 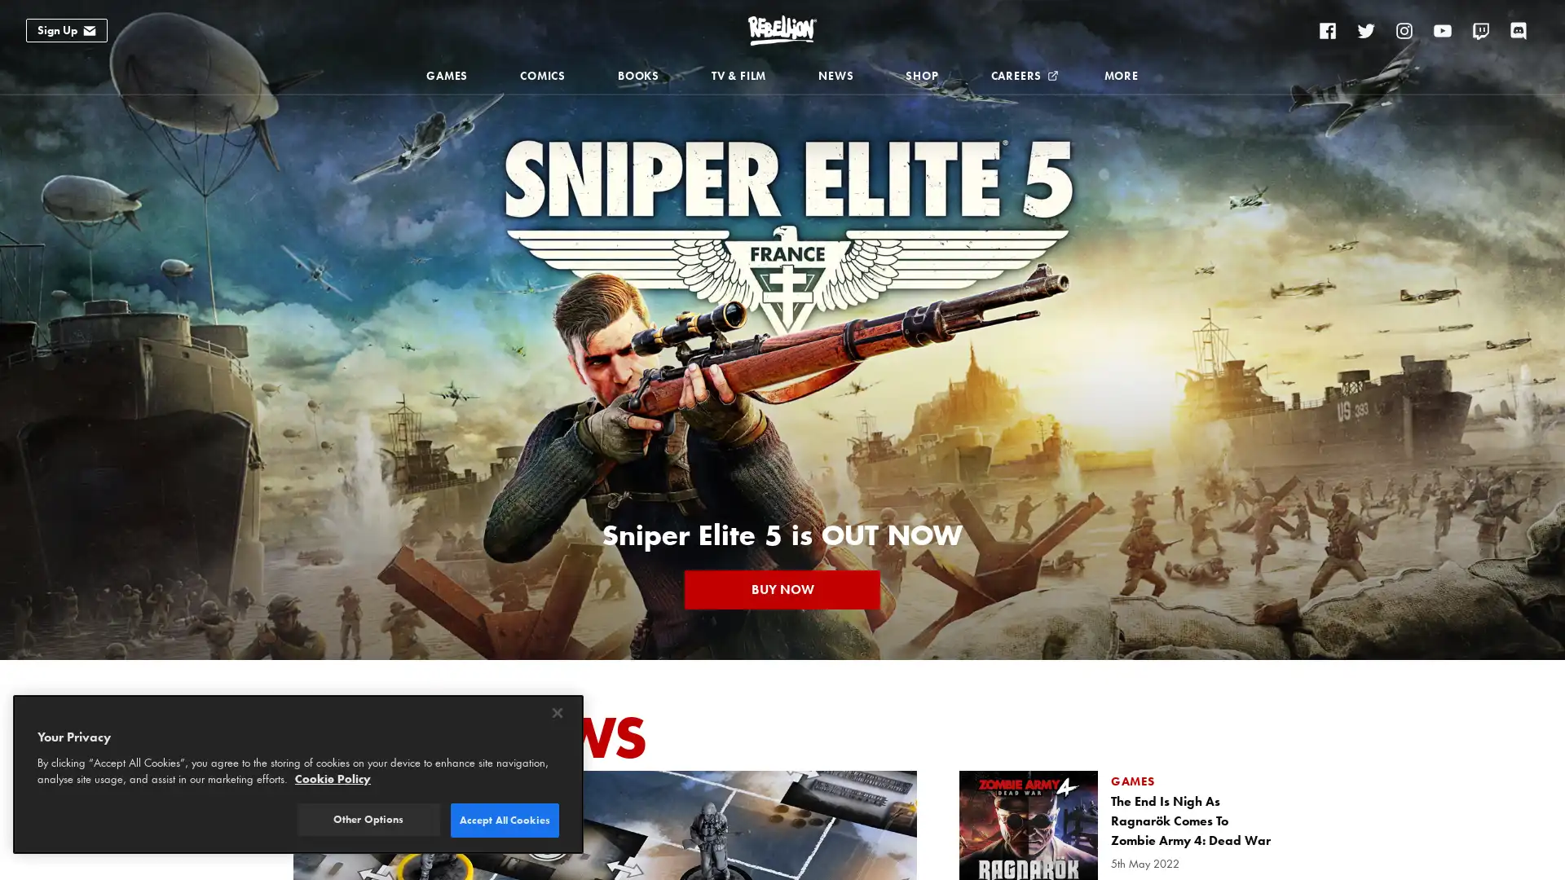 I want to click on Other Options, so click(x=367, y=820).